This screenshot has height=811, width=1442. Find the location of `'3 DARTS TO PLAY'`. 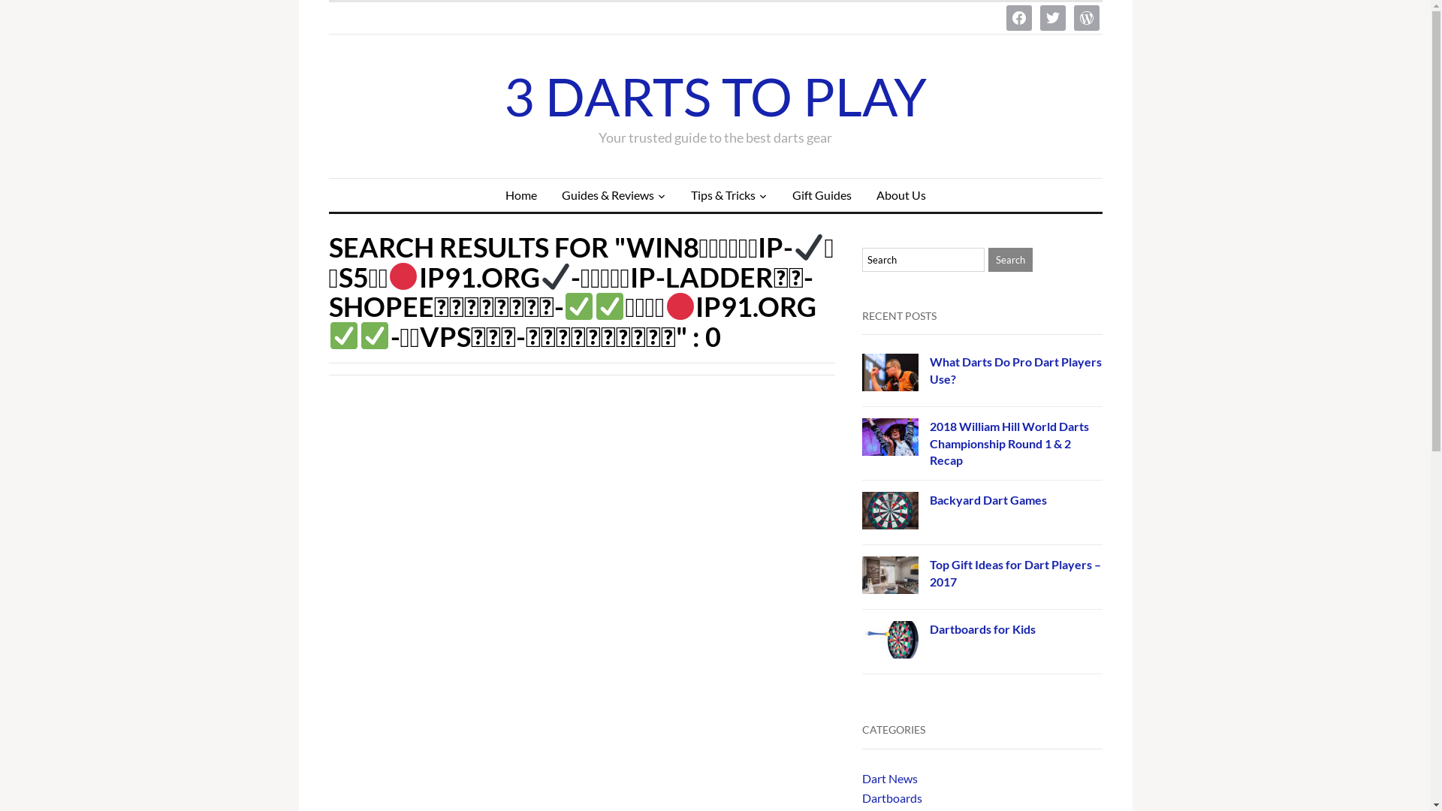

'3 DARTS TO PLAY' is located at coordinates (715, 95).